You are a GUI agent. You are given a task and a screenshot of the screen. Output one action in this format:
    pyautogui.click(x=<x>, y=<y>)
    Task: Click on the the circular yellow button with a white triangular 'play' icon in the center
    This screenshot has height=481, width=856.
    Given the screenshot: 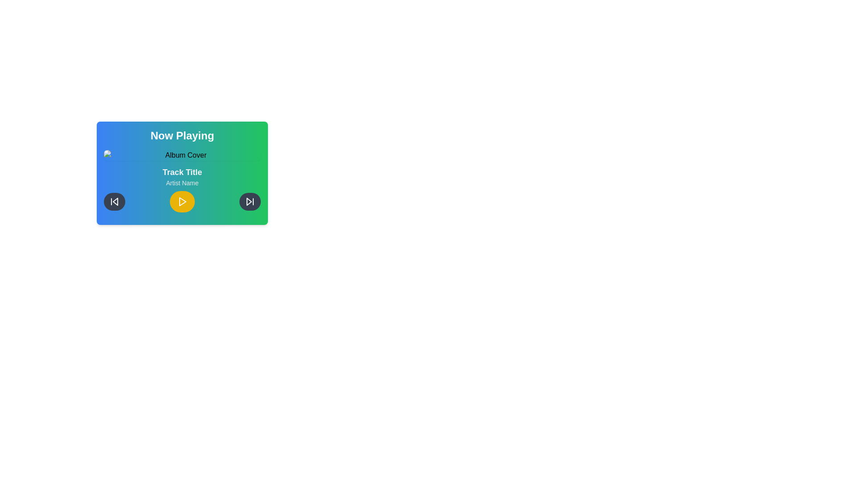 What is the action you would take?
    pyautogui.click(x=181, y=201)
    